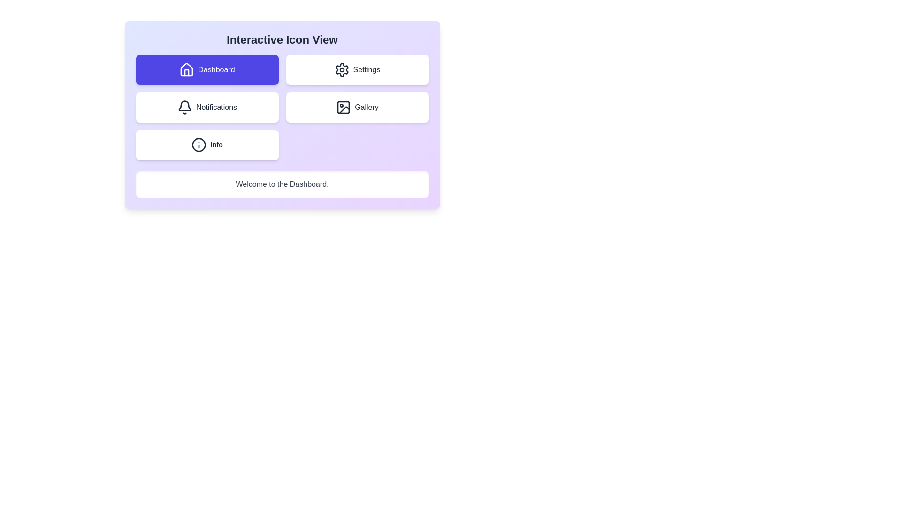  I want to click on and interact with the small house-like icon located within the top-left button labeled 'Dashboard', so click(187, 69).